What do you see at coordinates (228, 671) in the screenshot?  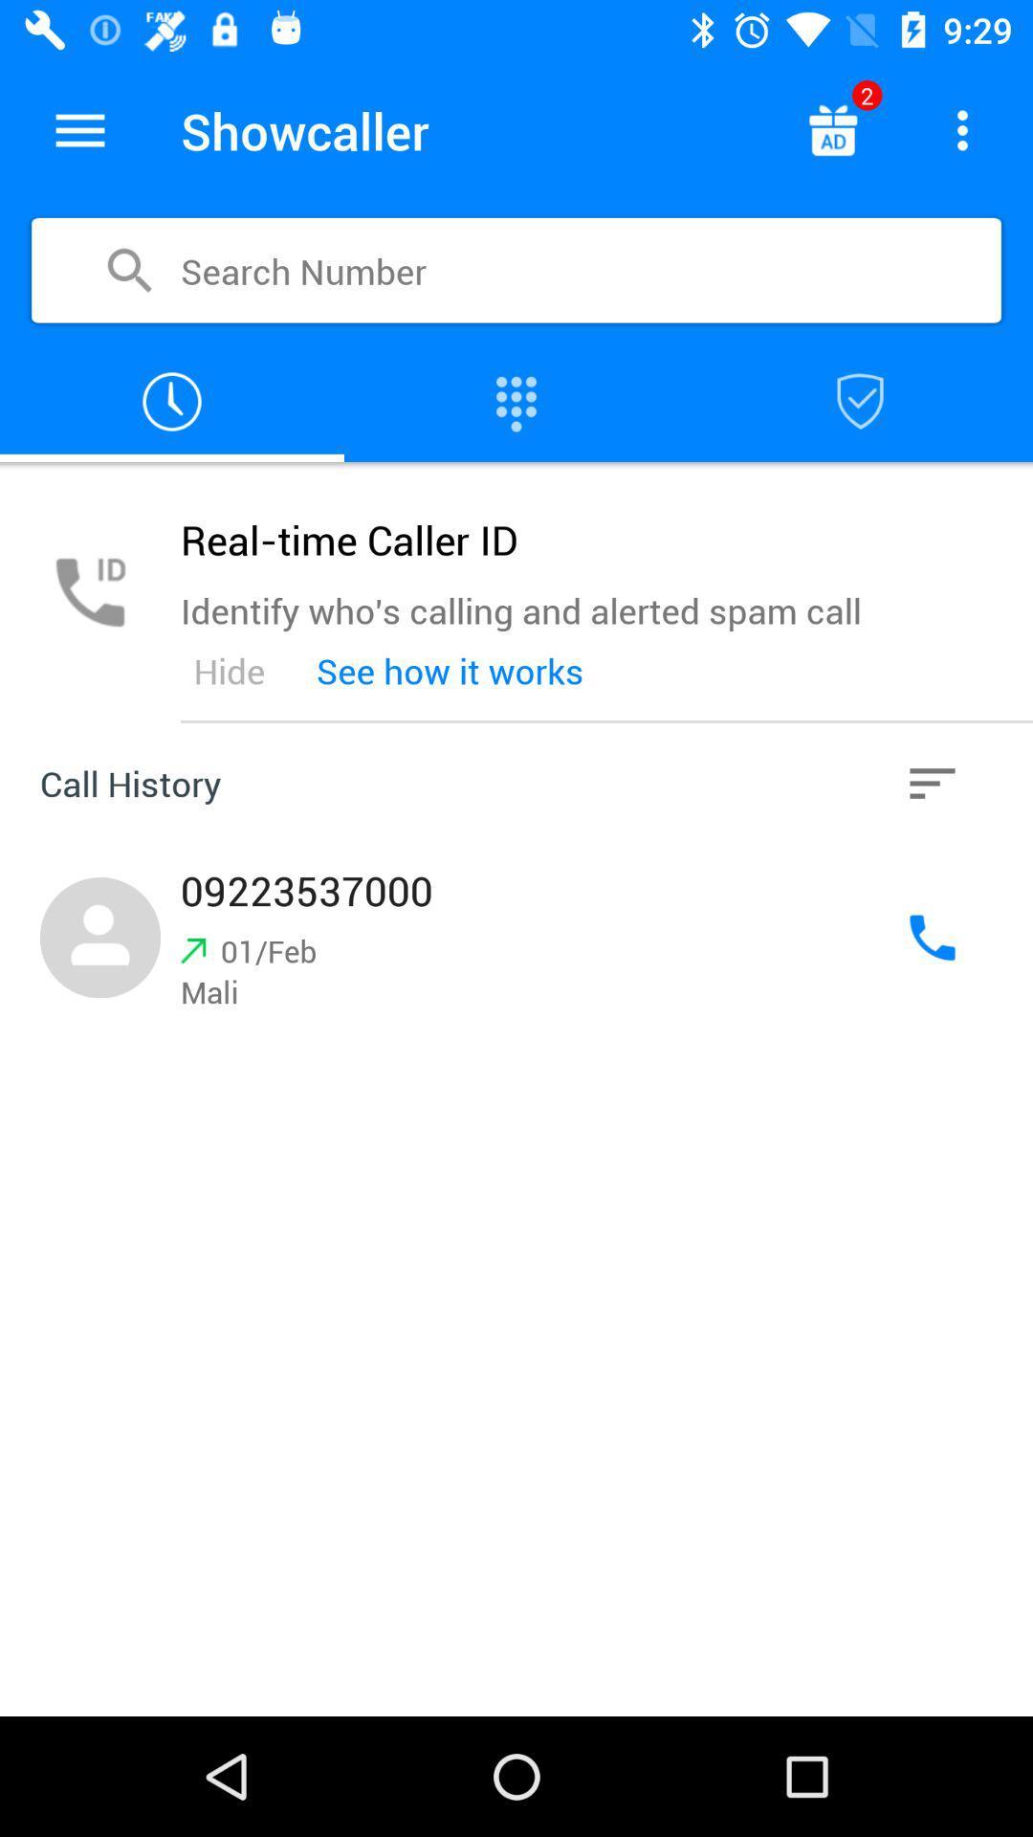 I see `hide item` at bounding box center [228, 671].